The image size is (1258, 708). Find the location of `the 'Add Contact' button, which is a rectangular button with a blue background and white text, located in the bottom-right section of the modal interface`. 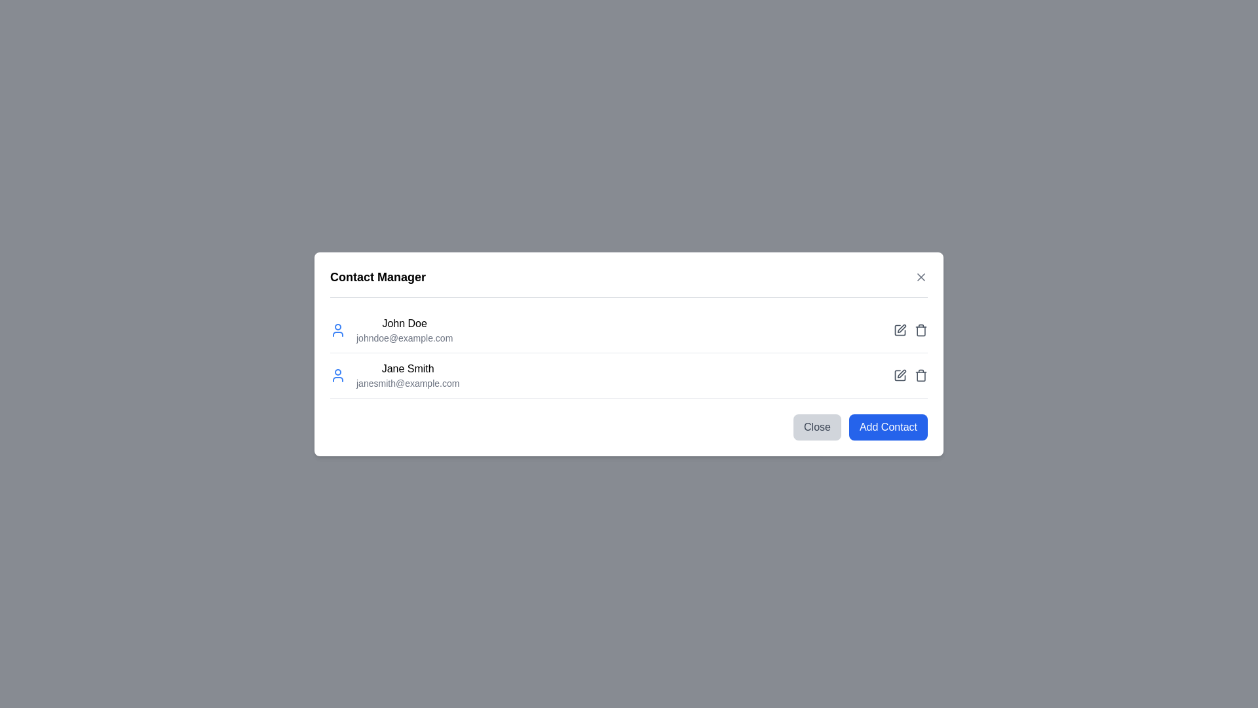

the 'Add Contact' button, which is a rectangular button with a blue background and white text, located in the bottom-right section of the modal interface is located at coordinates (888, 427).